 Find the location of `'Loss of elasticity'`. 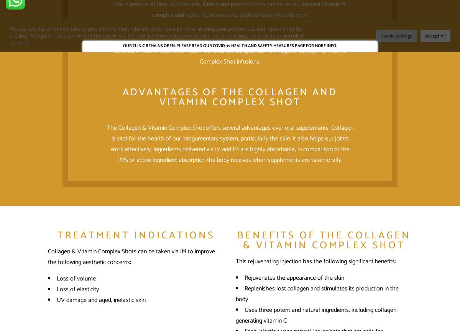

'Loss of elasticity' is located at coordinates (77, 289).